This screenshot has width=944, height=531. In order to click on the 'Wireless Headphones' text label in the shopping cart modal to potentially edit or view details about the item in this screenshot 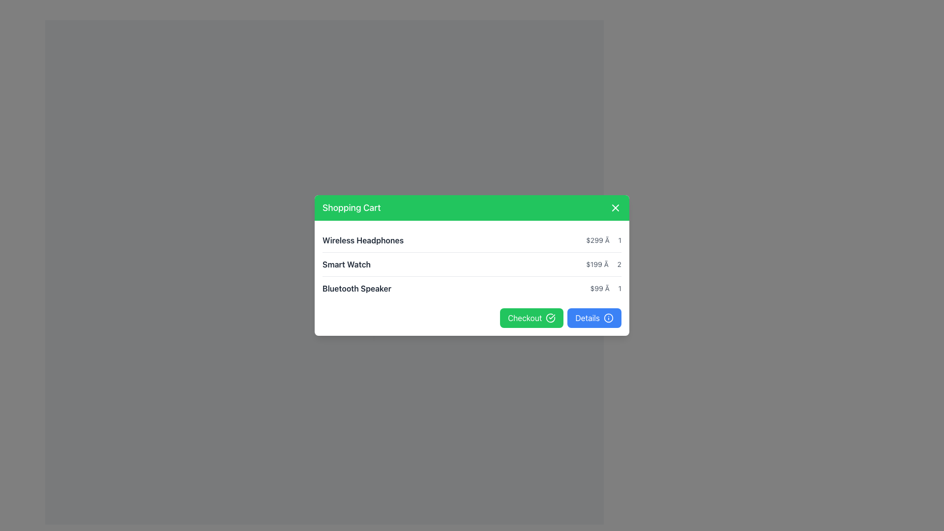, I will do `click(362, 240)`.